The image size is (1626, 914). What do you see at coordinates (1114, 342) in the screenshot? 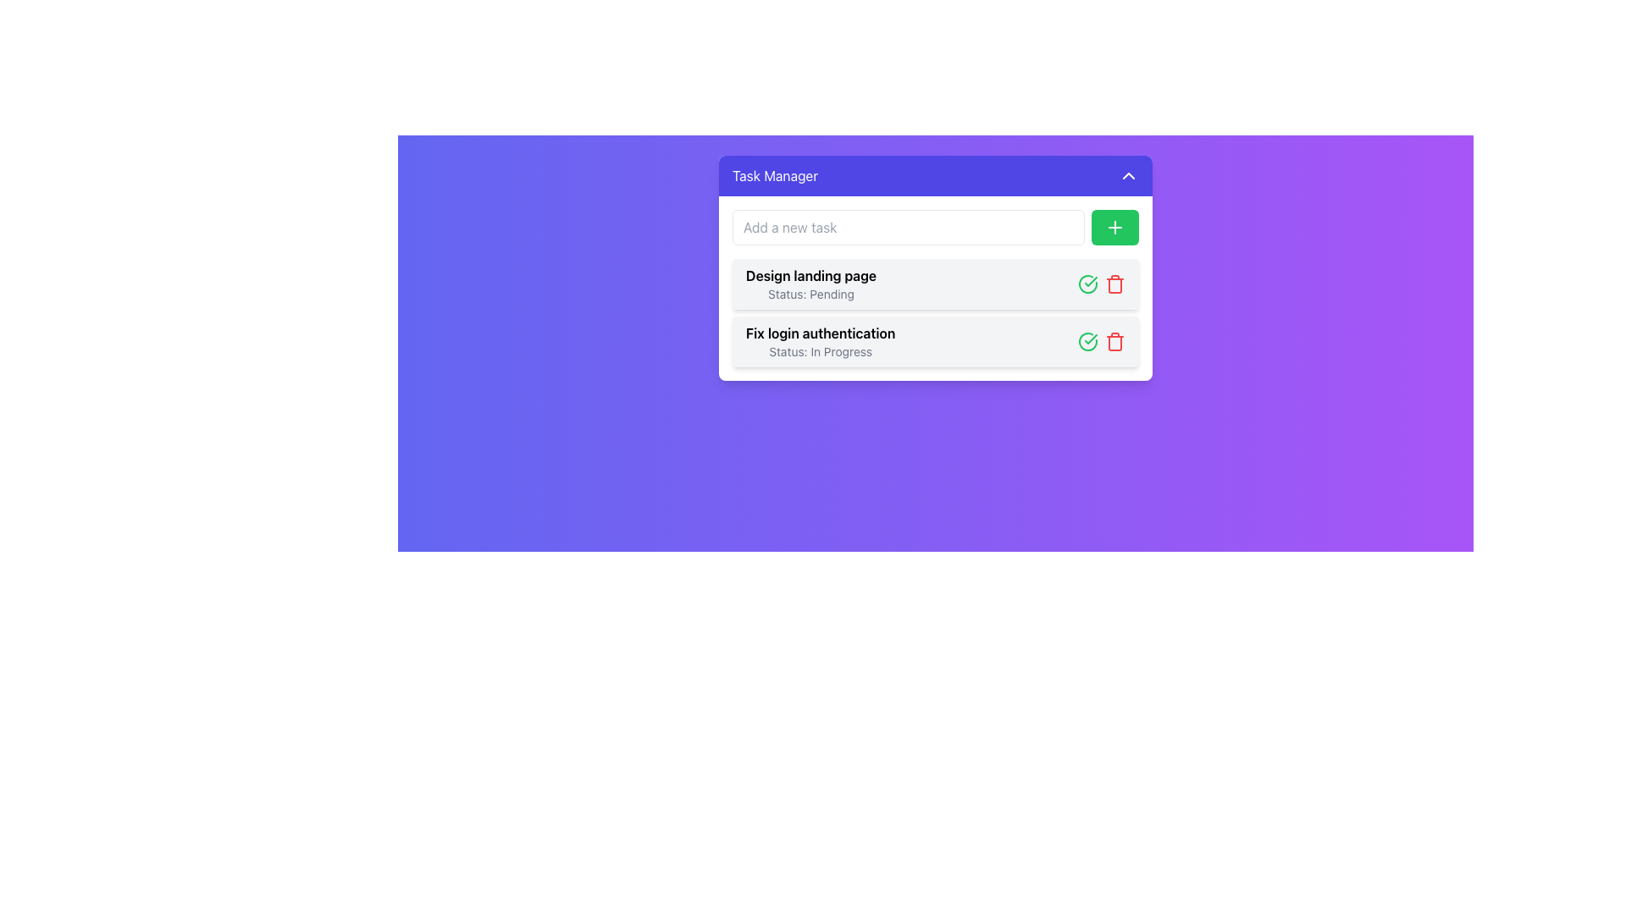
I see `the delete button located in the second task row of the task manager list, positioned to the right of the green checkmark icon` at bounding box center [1114, 342].